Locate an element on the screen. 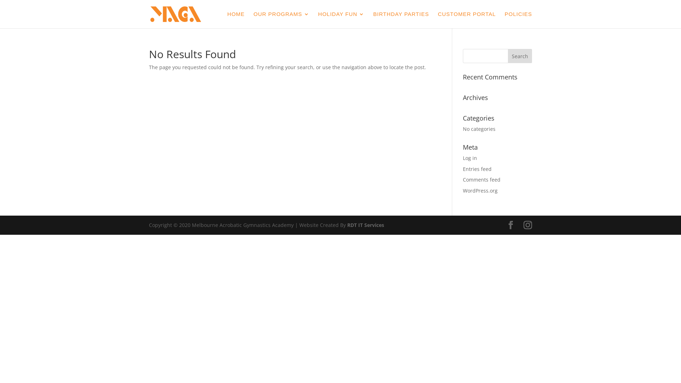 Image resolution: width=681 pixels, height=383 pixels. 'RDT IT Services' is located at coordinates (366, 225).